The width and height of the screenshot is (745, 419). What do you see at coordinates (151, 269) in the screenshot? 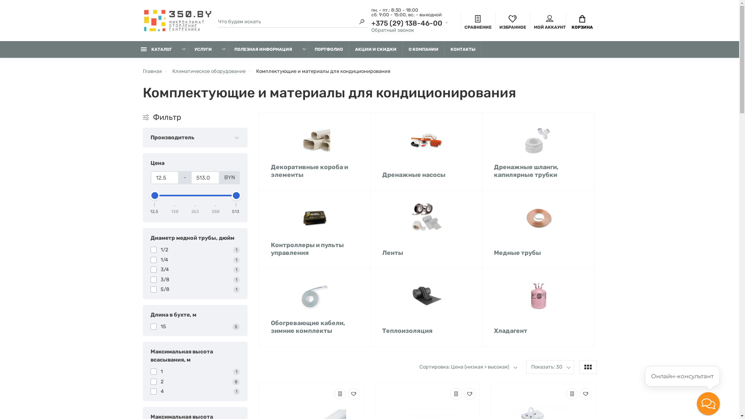
I see `'3/4` at bounding box center [151, 269].